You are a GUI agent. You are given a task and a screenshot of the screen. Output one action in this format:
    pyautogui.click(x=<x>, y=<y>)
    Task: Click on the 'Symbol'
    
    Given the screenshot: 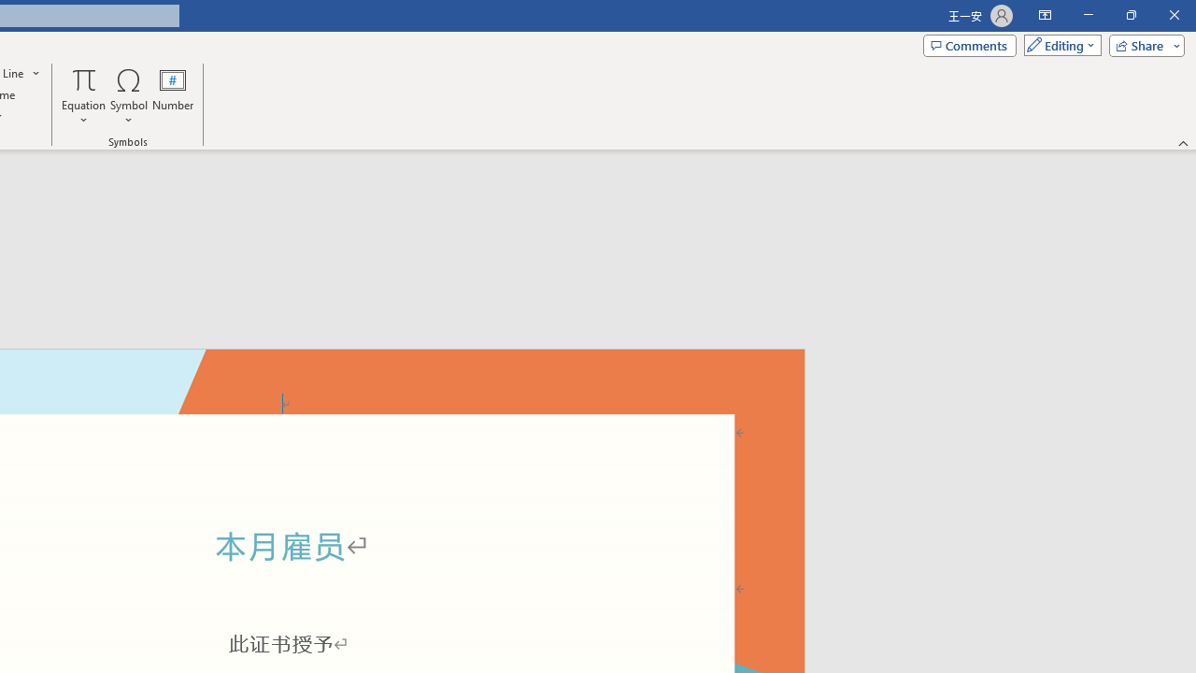 What is the action you would take?
    pyautogui.click(x=128, y=96)
    